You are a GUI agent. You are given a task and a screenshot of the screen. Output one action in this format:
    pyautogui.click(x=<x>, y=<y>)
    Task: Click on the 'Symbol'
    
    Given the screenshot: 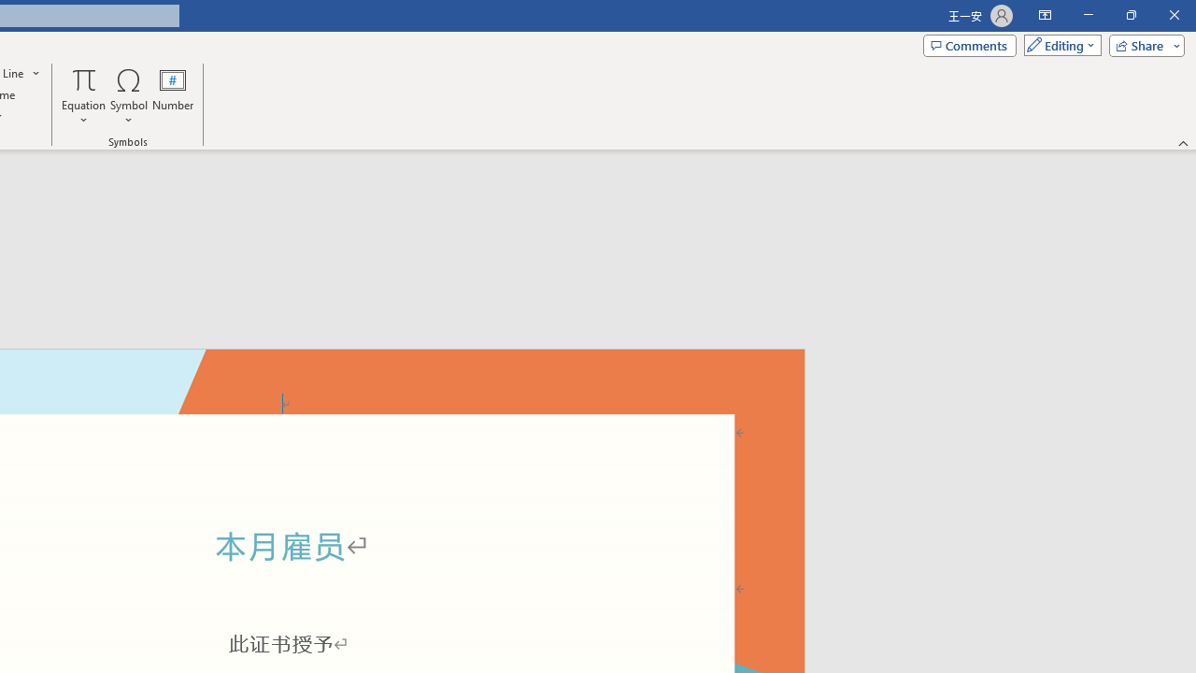 What is the action you would take?
    pyautogui.click(x=128, y=96)
    